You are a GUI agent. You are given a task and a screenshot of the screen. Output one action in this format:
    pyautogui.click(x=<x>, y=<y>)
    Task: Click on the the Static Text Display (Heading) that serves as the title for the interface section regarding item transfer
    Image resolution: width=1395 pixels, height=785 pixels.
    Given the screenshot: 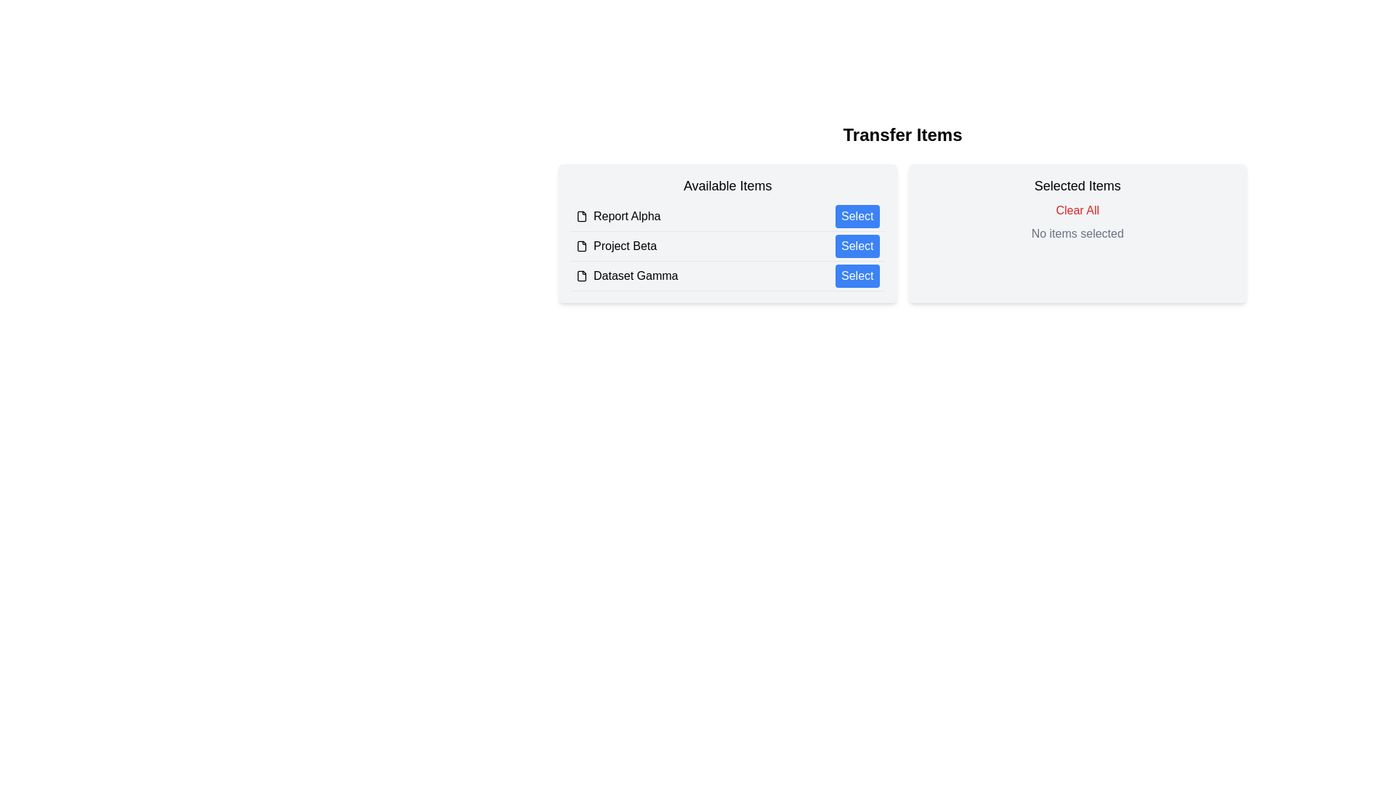 What is the action you would take?
    pyautogui.click(x=902, y=134)
    